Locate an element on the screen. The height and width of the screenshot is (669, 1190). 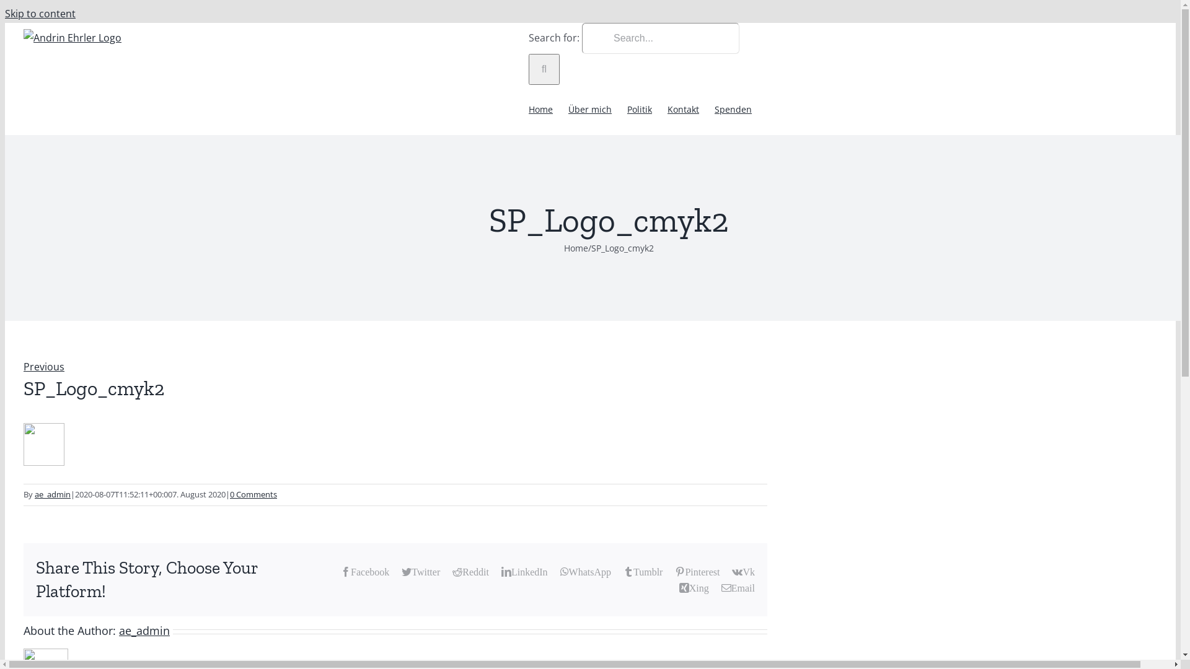
'Vk' is located at coordinates (743, 571).